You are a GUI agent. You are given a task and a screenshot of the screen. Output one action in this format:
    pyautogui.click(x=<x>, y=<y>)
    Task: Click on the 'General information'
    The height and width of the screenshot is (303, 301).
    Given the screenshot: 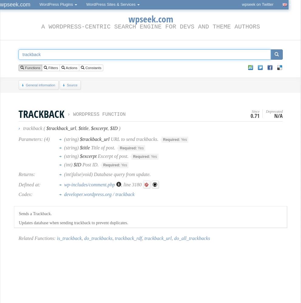 What is the action you would take?
    pyautogui.click(x=40, y=85)
    